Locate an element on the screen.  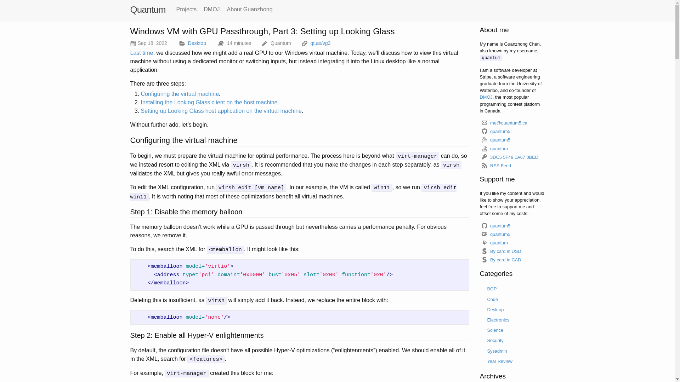
'3DC5 5F49 1A67 0BED' is located at coordinates (509, 157).